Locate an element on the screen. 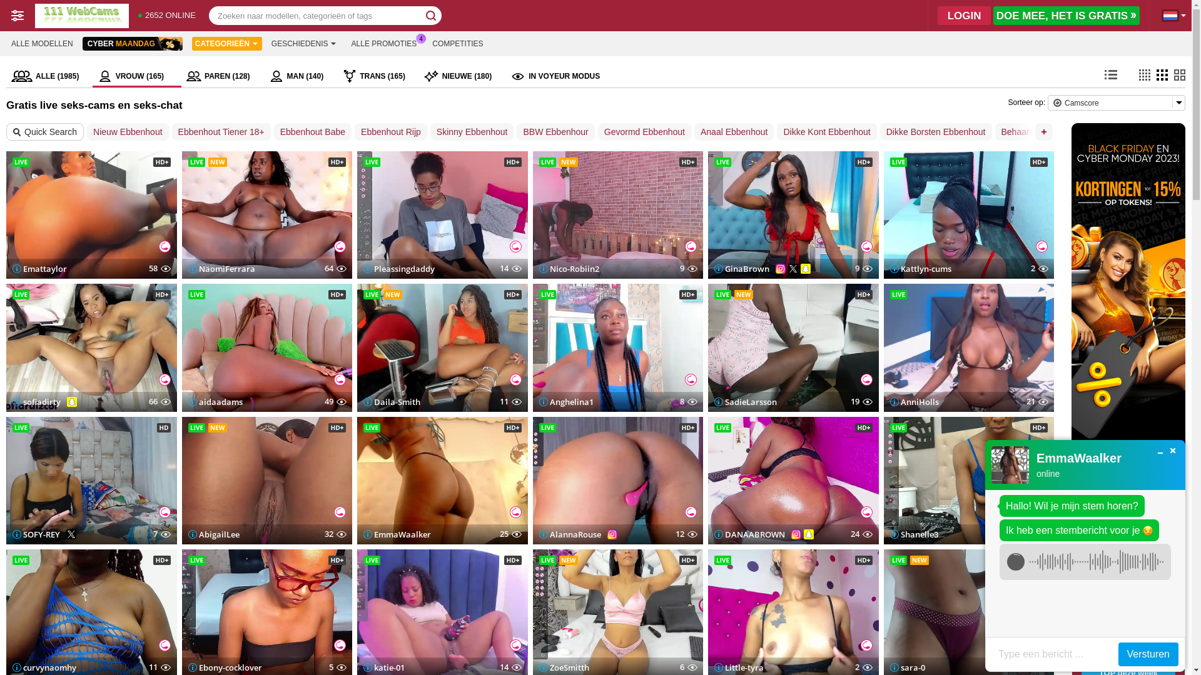 The height and width of the screenshot is (675, 1201). 'ALLE (1985)' is located at coordinates (49, 76).